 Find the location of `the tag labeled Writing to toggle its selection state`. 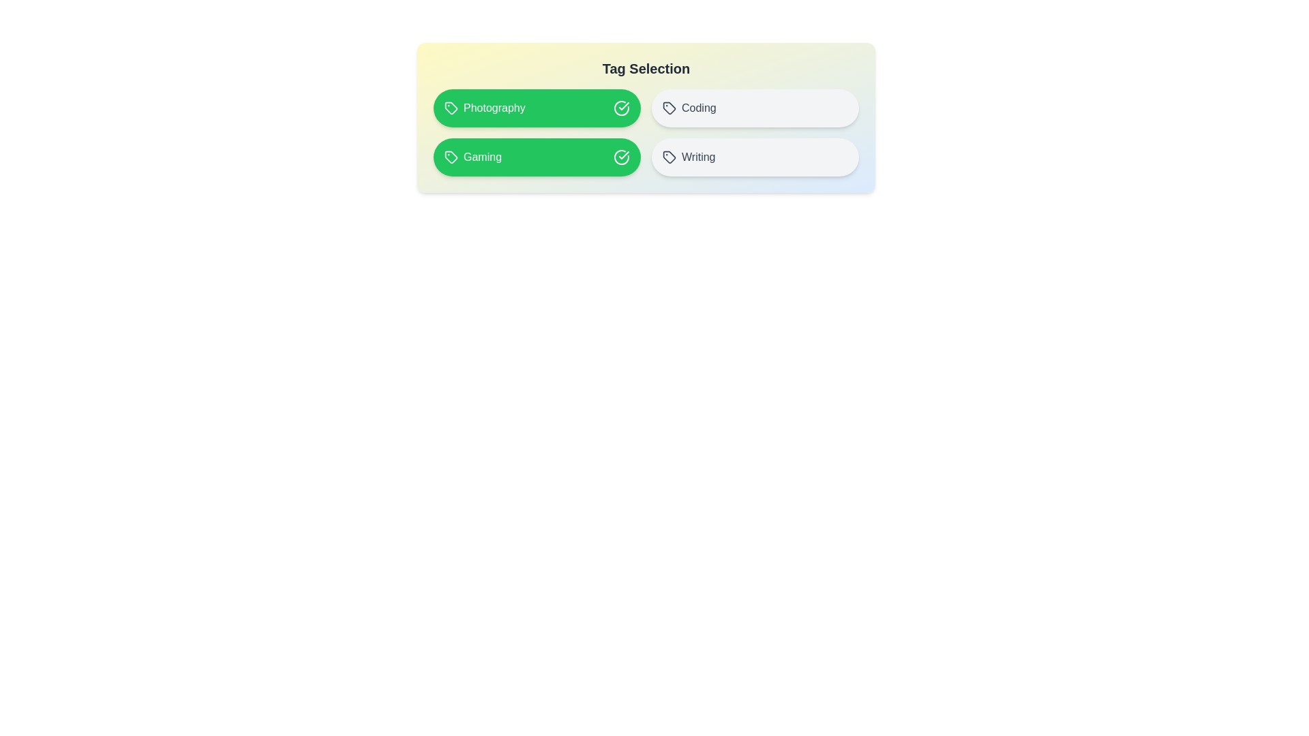

the tag labeled Writing to toggle its selection state is located at coordinates (755, 157).